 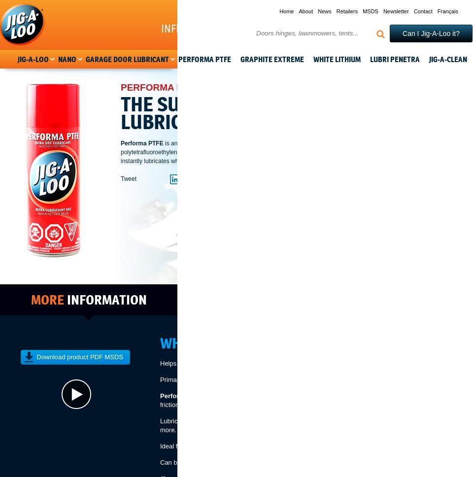 What do you see at coordinates (203, 28) in the screenshot?
I see `'Infinite uses and'` at bounding box center [203, 28].